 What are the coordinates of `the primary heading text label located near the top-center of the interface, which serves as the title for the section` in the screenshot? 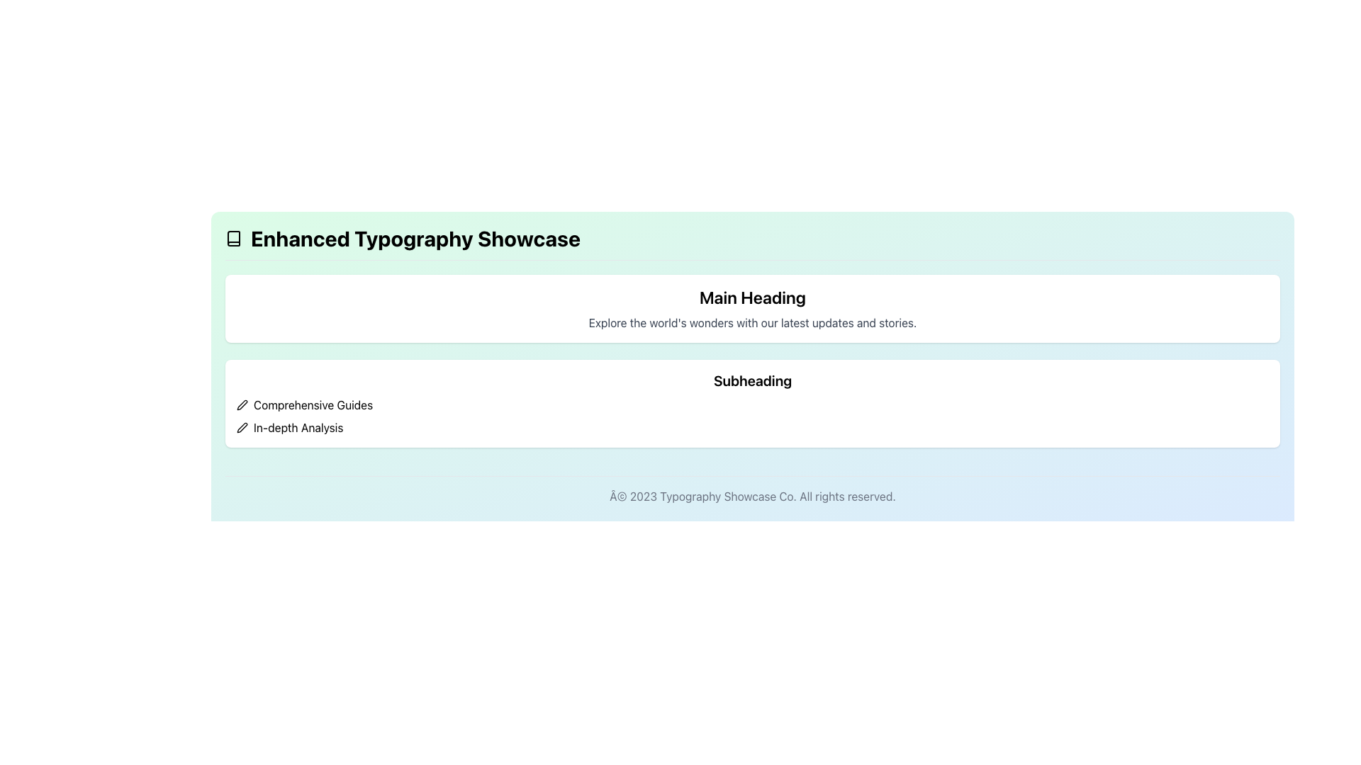 It's located at (751, 297).